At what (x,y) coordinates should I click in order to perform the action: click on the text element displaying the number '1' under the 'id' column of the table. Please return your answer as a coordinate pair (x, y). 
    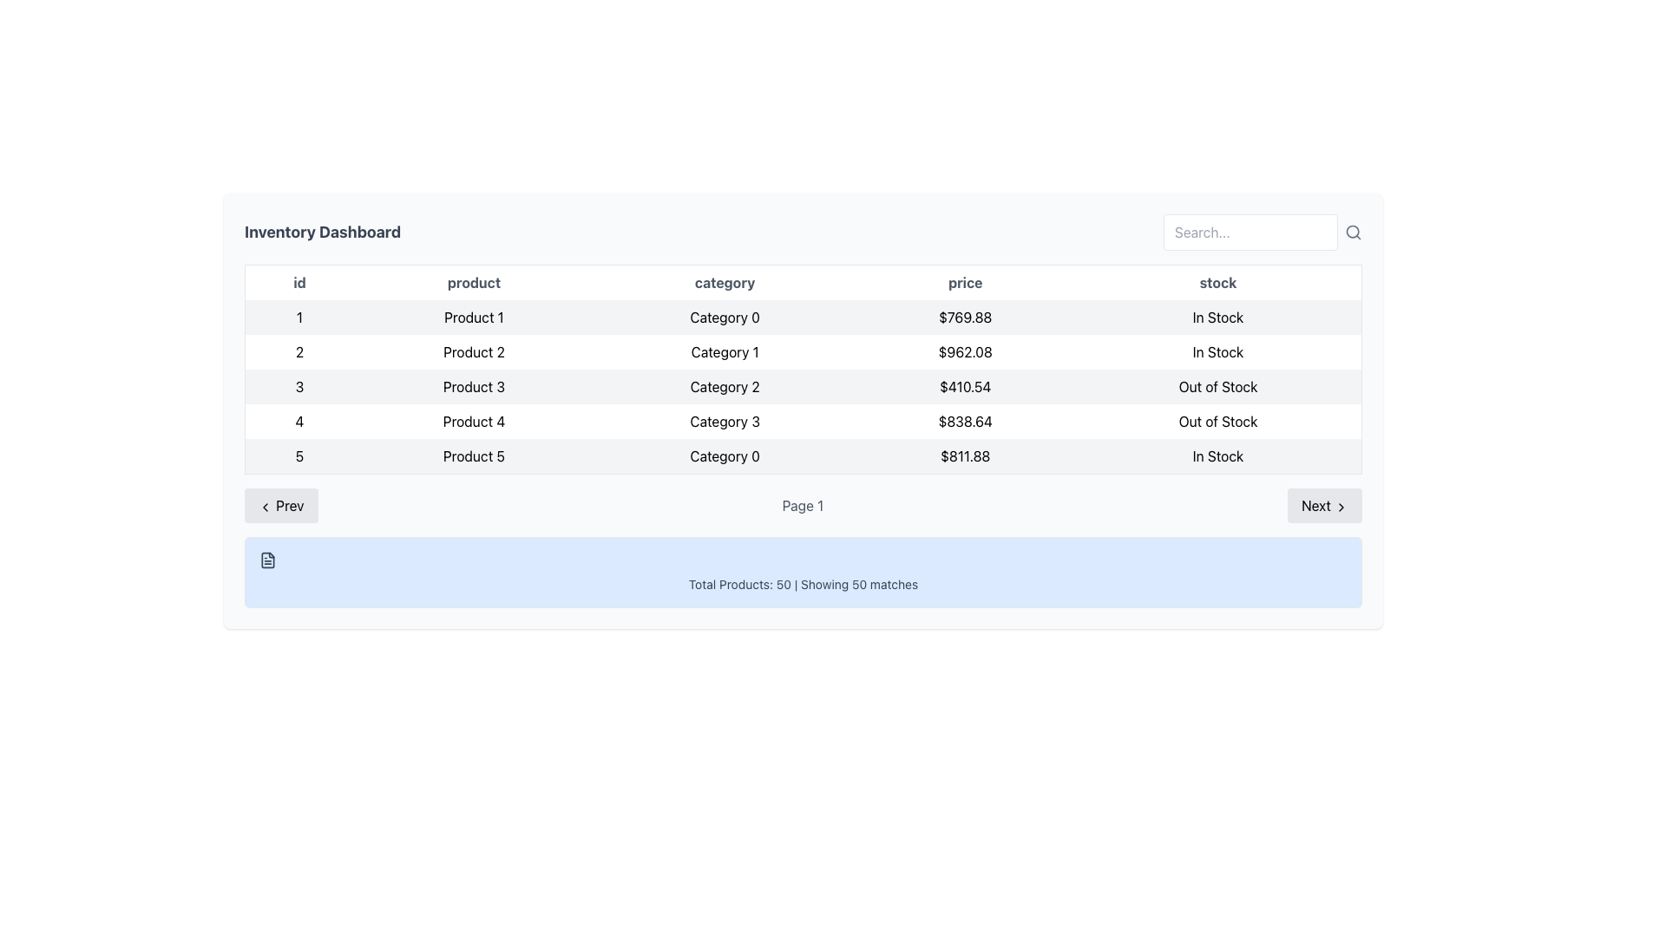
    Looking at the image, I should click on (299, 318).